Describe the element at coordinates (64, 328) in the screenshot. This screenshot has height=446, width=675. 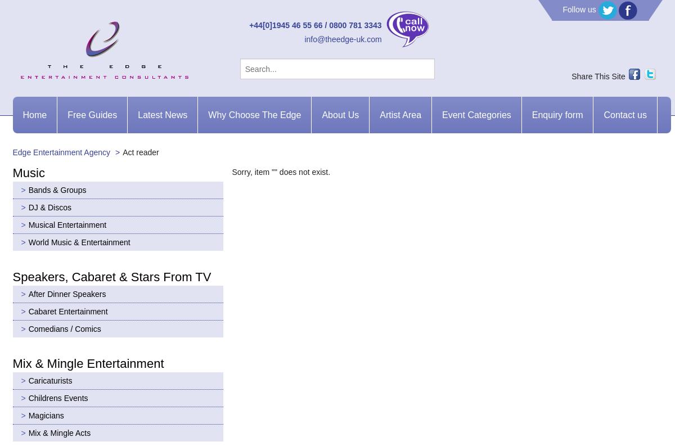
I see `'Comedians / Comics'` at that location.